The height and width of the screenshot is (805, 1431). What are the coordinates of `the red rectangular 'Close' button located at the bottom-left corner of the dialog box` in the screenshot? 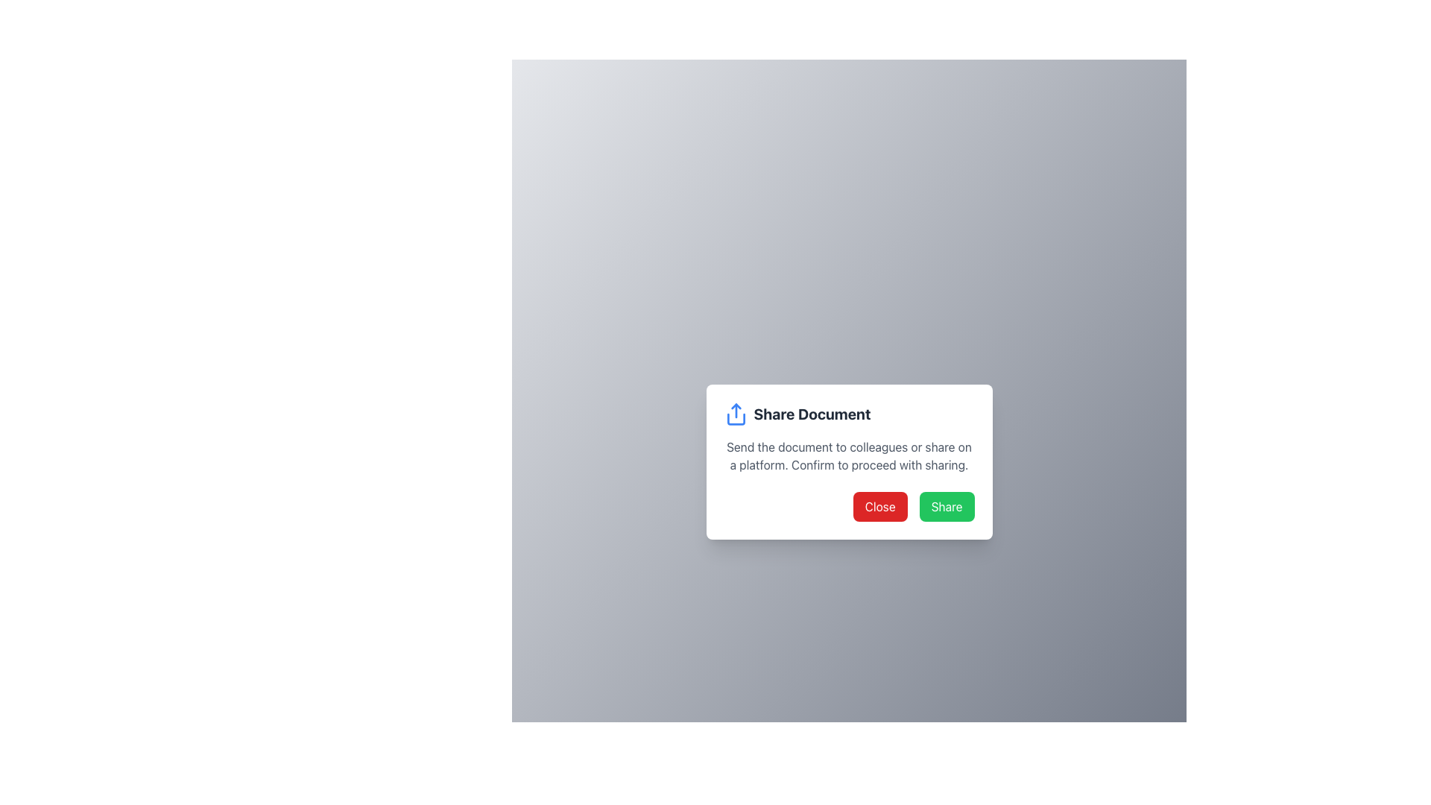 It's located at (880, 505).